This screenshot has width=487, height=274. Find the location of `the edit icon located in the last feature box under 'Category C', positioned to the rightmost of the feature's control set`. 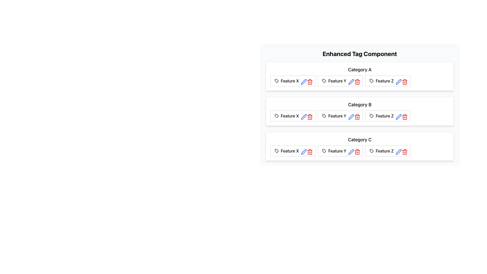

the edit icon located in the last feature box under 'Category C', positioned to the rightmost of the feature's control set is located at coordinates (398, 82).